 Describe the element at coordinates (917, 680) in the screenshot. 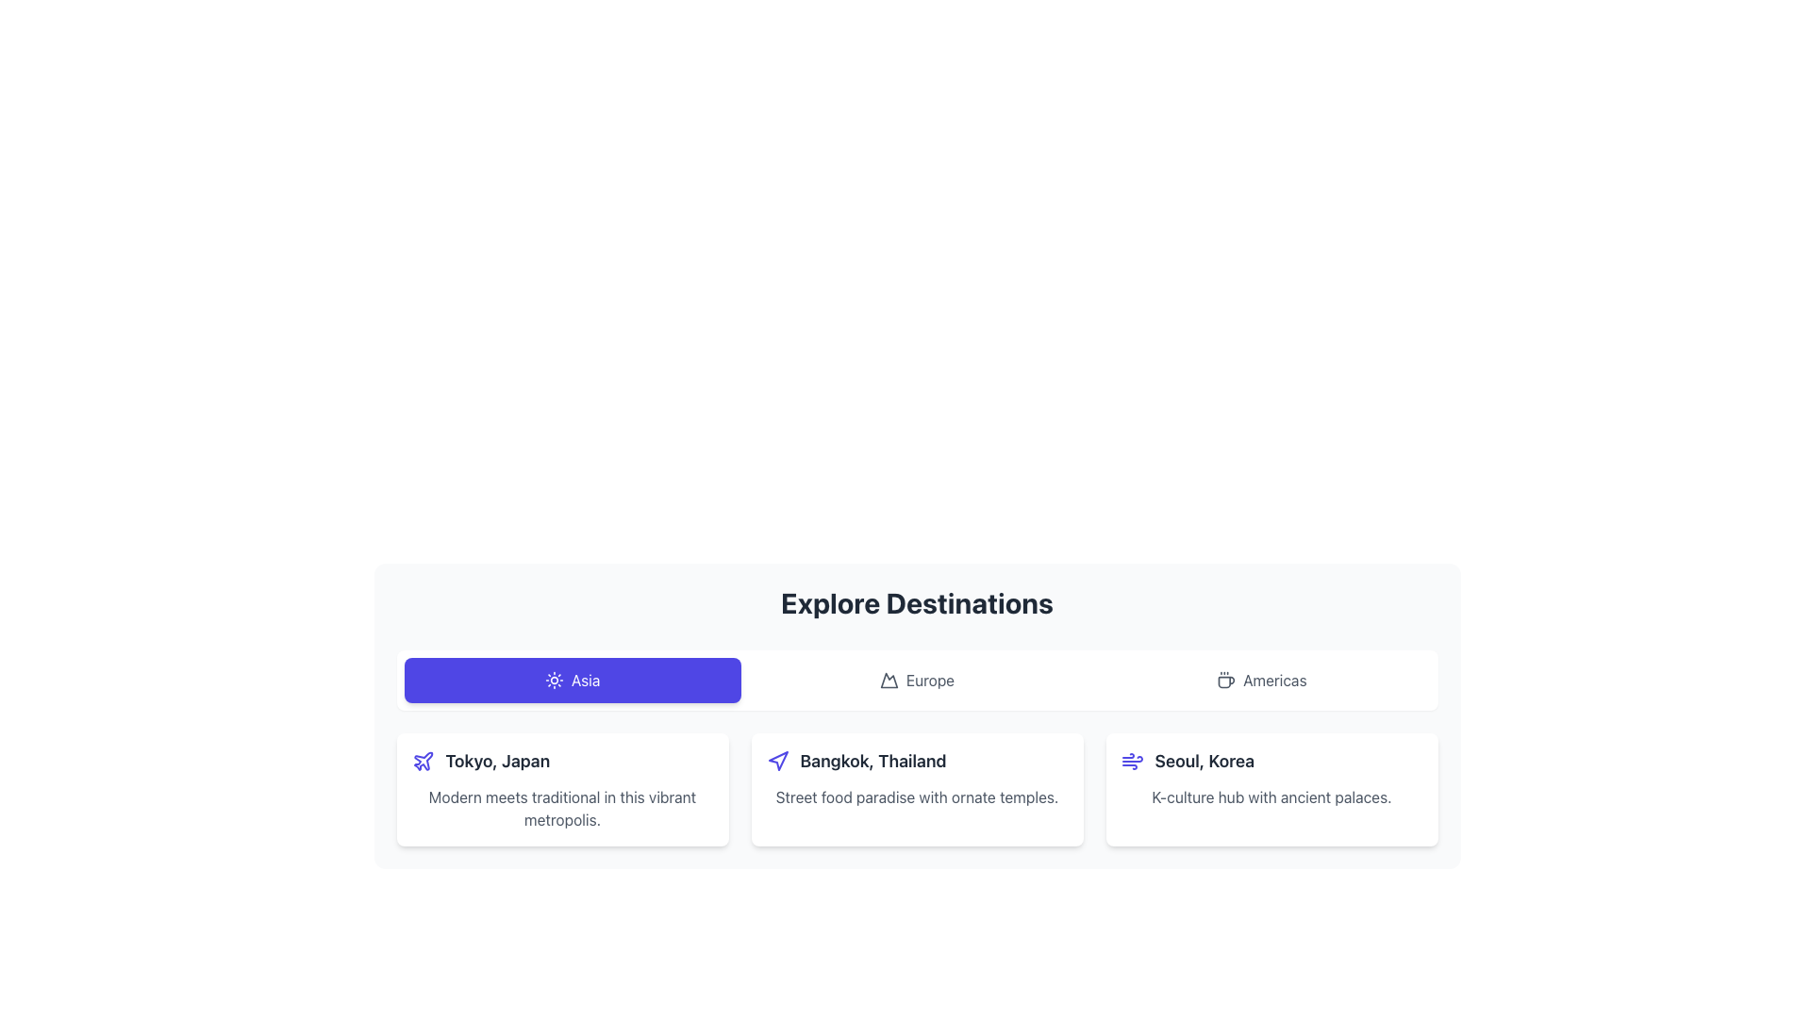

I see `the 'Europe' button in the row of continent filter buttons located beneath the 'Explore Destinations' heading` at that location.